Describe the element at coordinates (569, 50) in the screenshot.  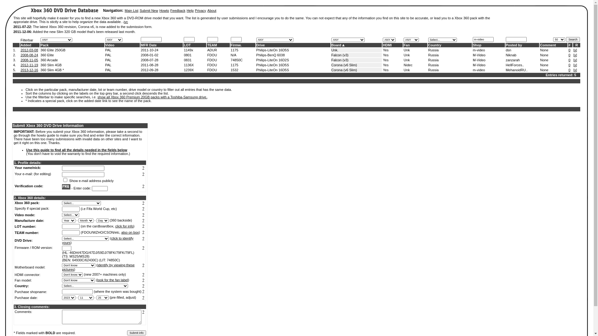
I see `'0'` at that location.